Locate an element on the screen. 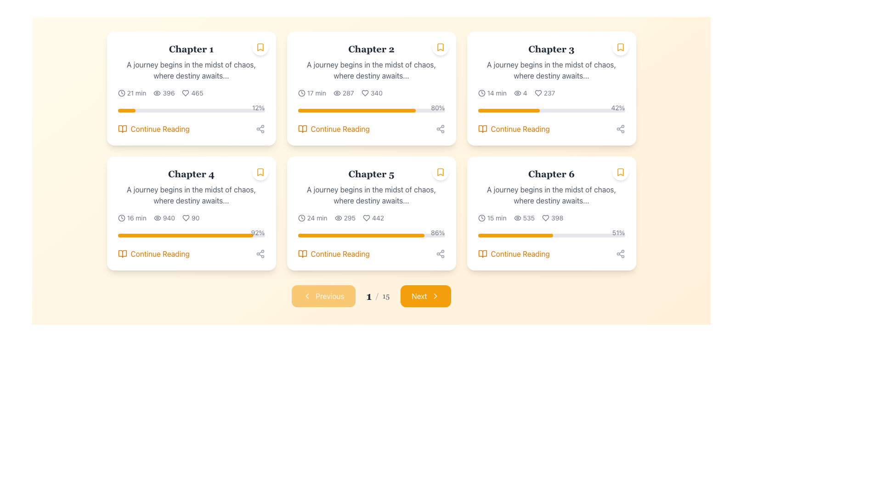 The width and height of the screenshot is (882, 496). the heart-shaped icon located is located at coordinates (546, 218).